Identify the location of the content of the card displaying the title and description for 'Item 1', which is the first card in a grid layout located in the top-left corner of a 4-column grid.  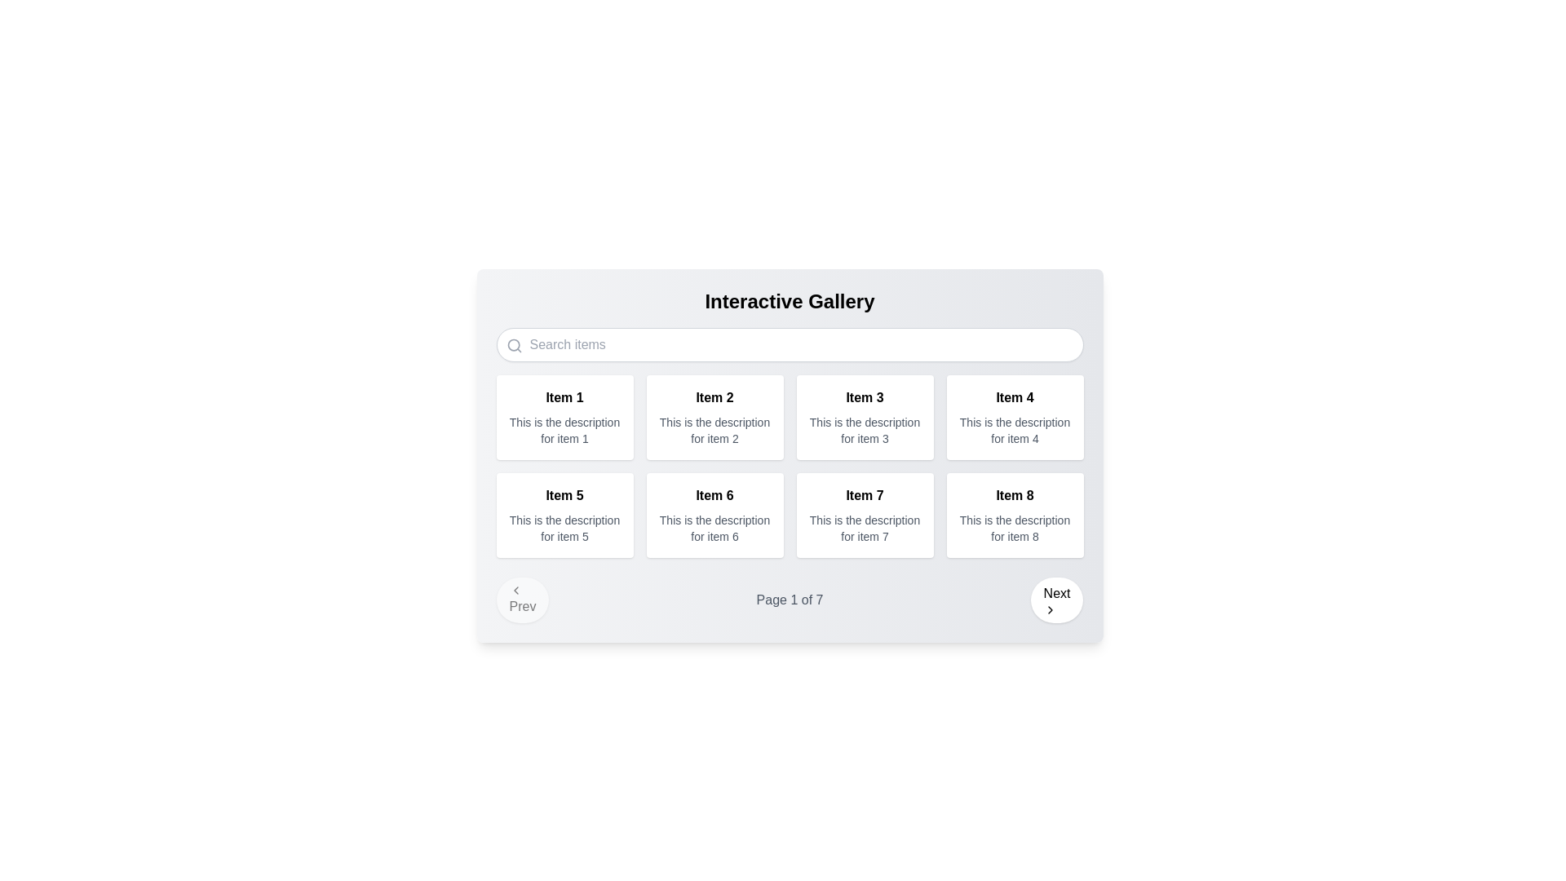
(564, 417).